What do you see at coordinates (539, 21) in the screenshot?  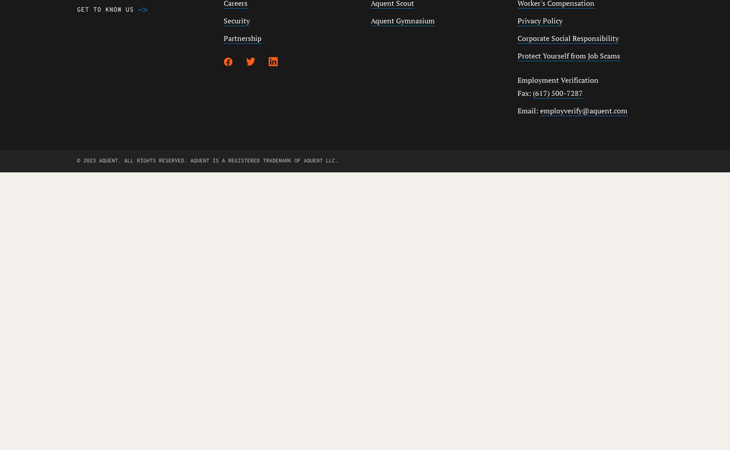 I see `'Privacy Policy'` at bounding box center [539, 21].